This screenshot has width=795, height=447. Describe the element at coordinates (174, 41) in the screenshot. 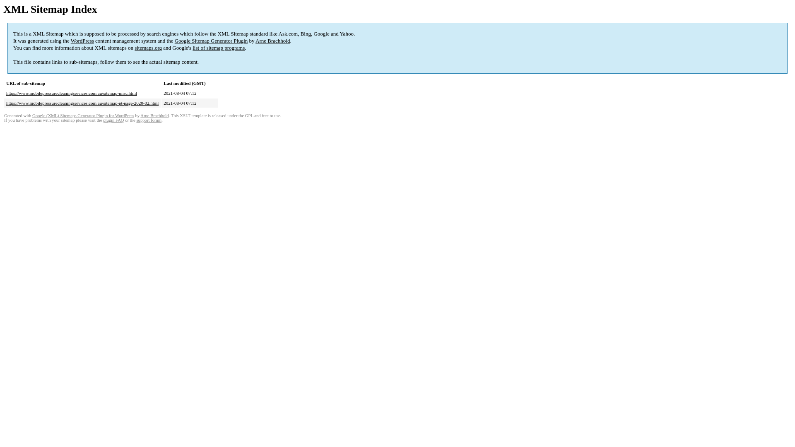

I see `'Google Sitemap Generator Plugin'` at that location.